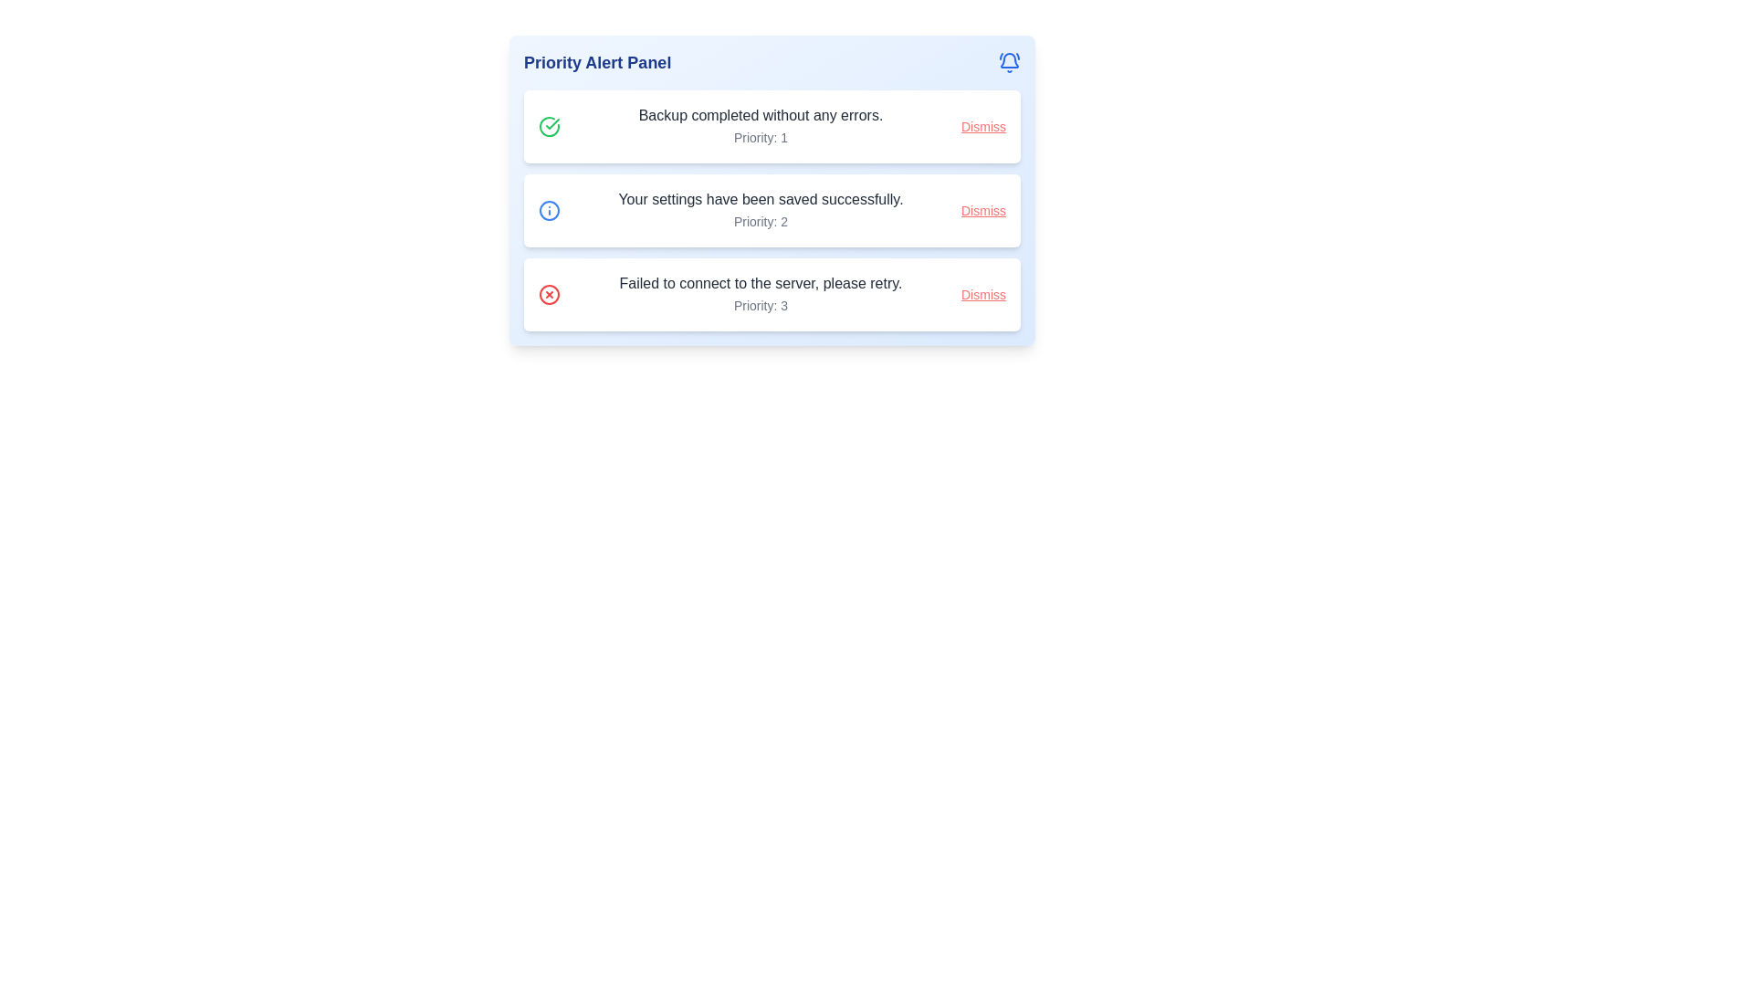 Image resolution: width=1753 pixels, height=986 pixels. I want to click on the button styled as a hyperlink located at the top-right corner of the notification card, so click(982, 125).